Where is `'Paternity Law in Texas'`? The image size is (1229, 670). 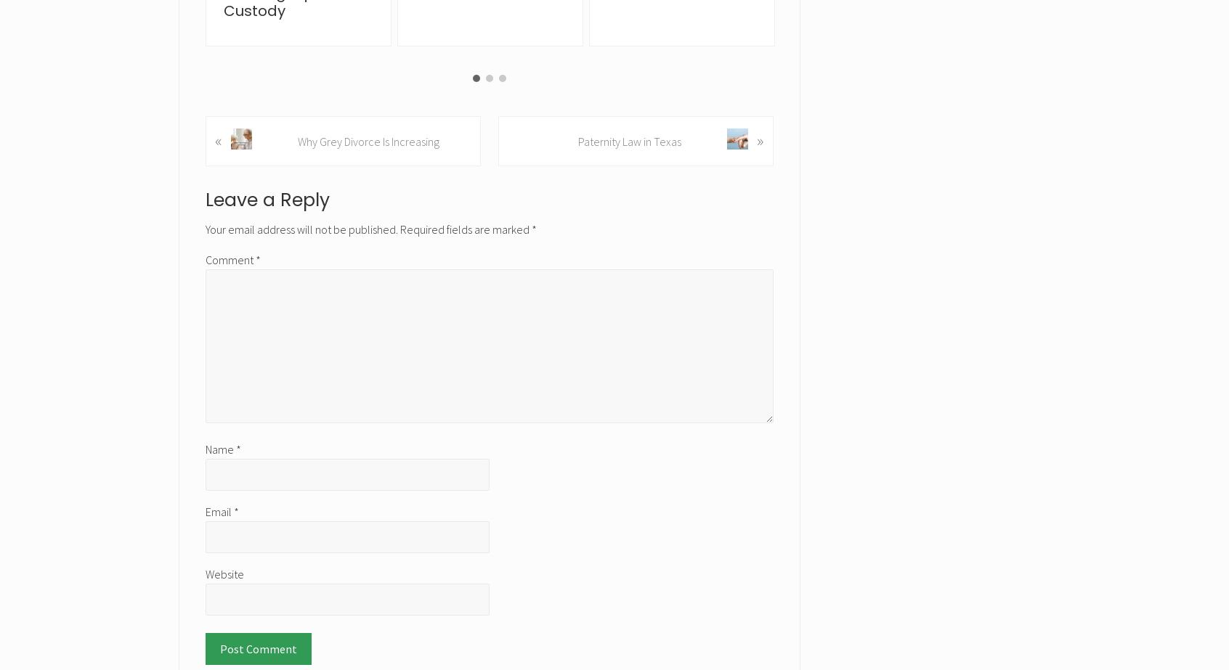 'Paternity Law in Texas' is located at coordinates (577, 141).